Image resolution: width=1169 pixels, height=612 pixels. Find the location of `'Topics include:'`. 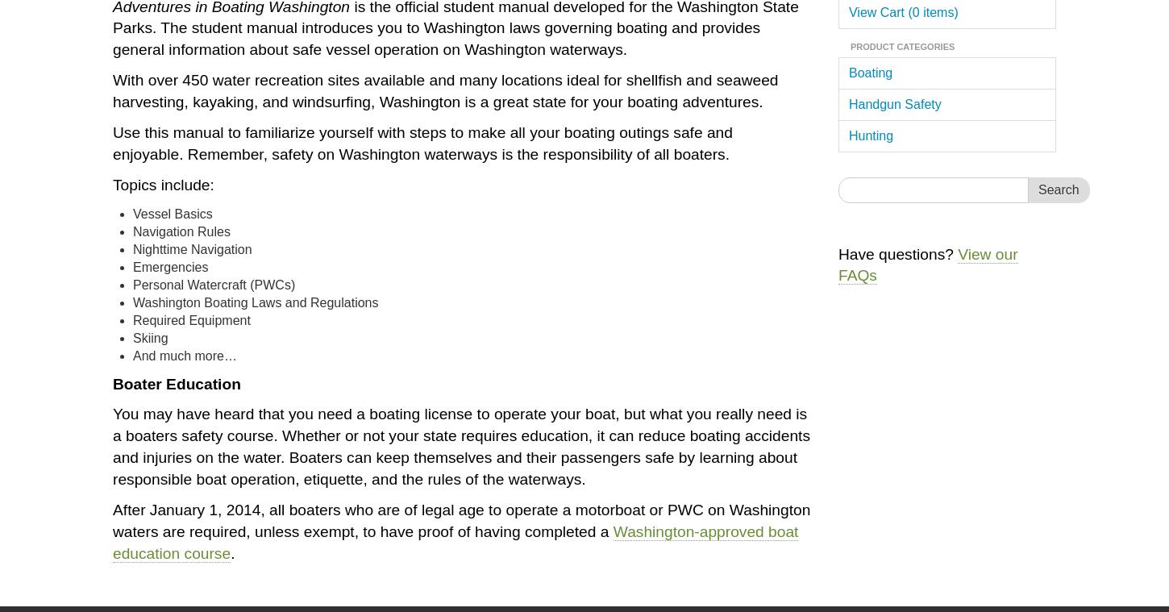

'Topics include:' is located at coordinates (112, 184).